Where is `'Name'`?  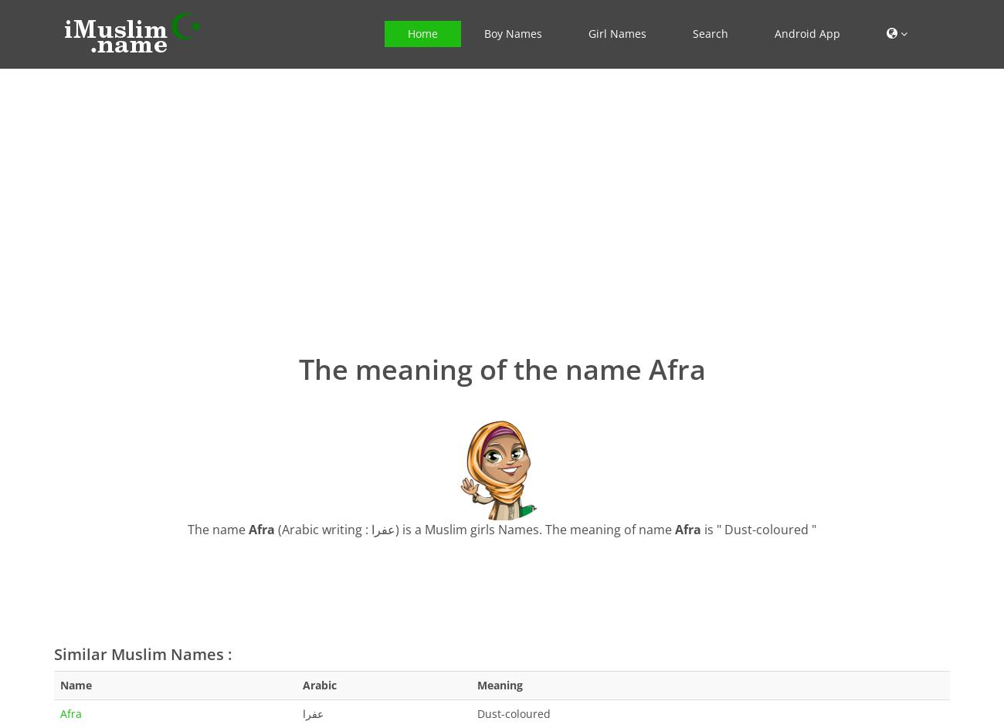 'Name' is located at coordinates (76, 684).